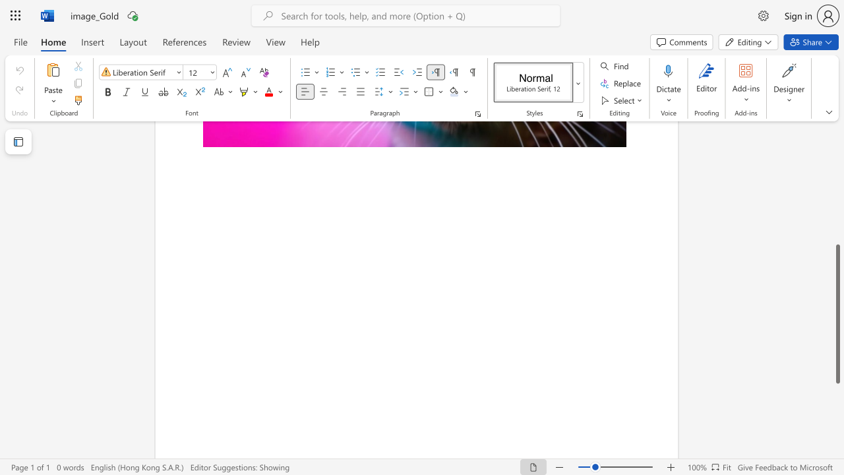 This screenshot has width=844, height=475. Describe the element at coordinates (837, 150) in the screenshot. I see `the scrollbar on the right to move the page upward` at that location.